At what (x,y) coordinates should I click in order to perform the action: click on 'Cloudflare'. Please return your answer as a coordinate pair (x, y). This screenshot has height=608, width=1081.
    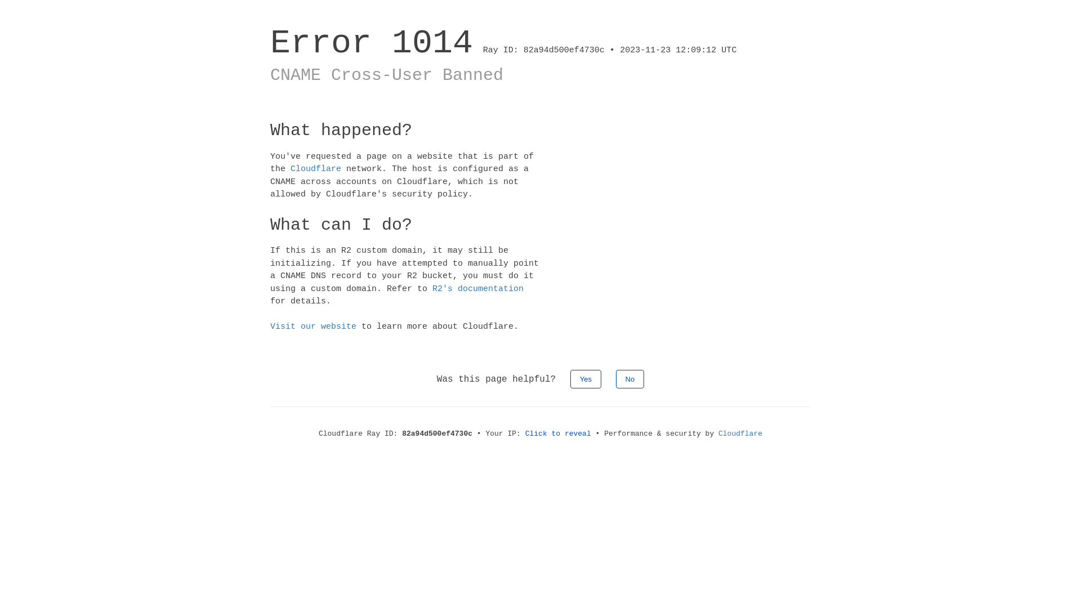
    Looking at the image, I should click on (315, 169).